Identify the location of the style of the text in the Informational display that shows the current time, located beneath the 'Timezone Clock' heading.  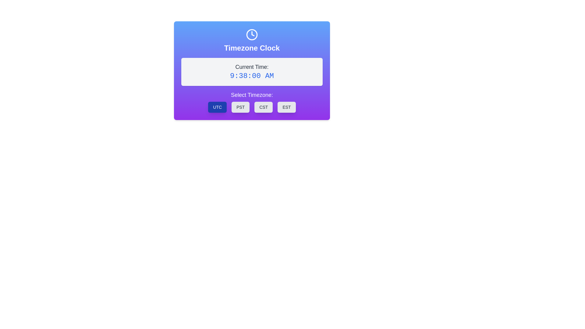
(252, 71).